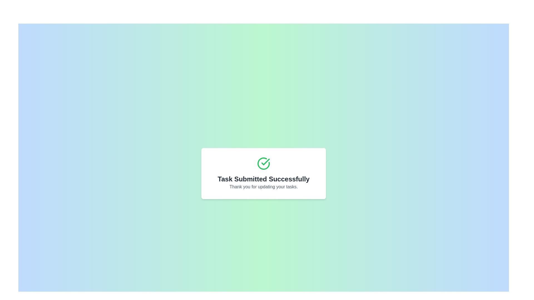  Describe the element at coordinates (263, 163) in the screenshot. I see `circular confirmation icon featuring a green checkmark, located at the top of the card for success confirmation, by clicking on it` at that location.